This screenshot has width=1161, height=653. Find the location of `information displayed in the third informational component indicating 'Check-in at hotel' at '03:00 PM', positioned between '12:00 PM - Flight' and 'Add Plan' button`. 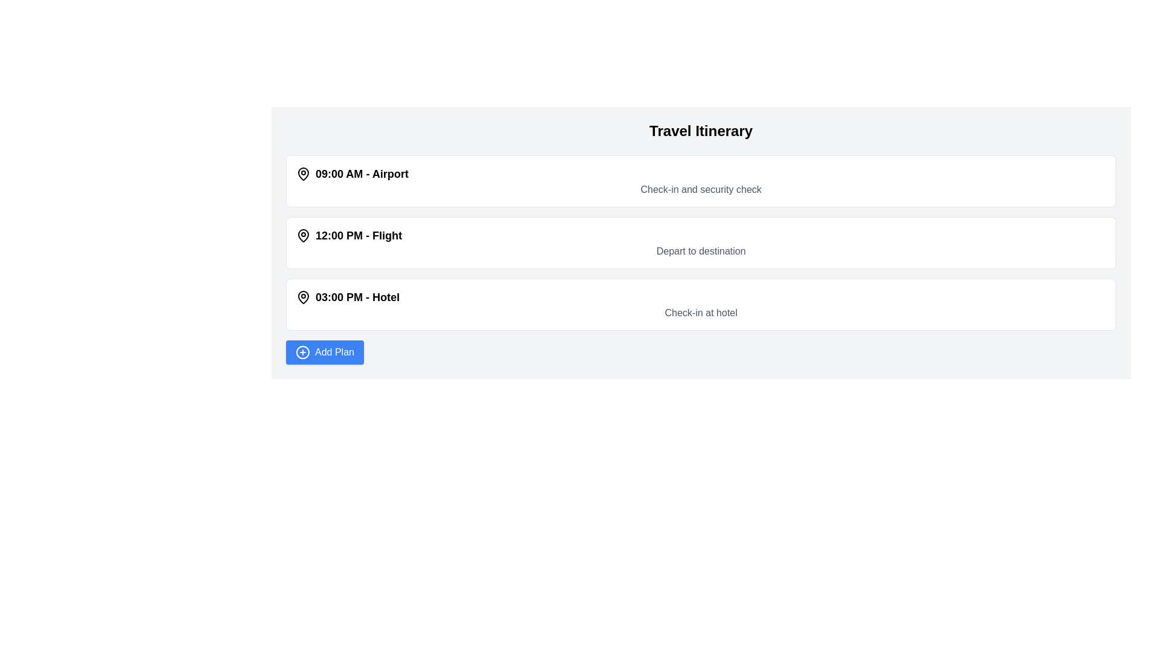

information displayed in the third informational component indicating 'Check-in at hotel' at '03:00 PM', positioned between '12:00 PM - Flight' and 'Add Plan' button is located at coordinates (701, 304).